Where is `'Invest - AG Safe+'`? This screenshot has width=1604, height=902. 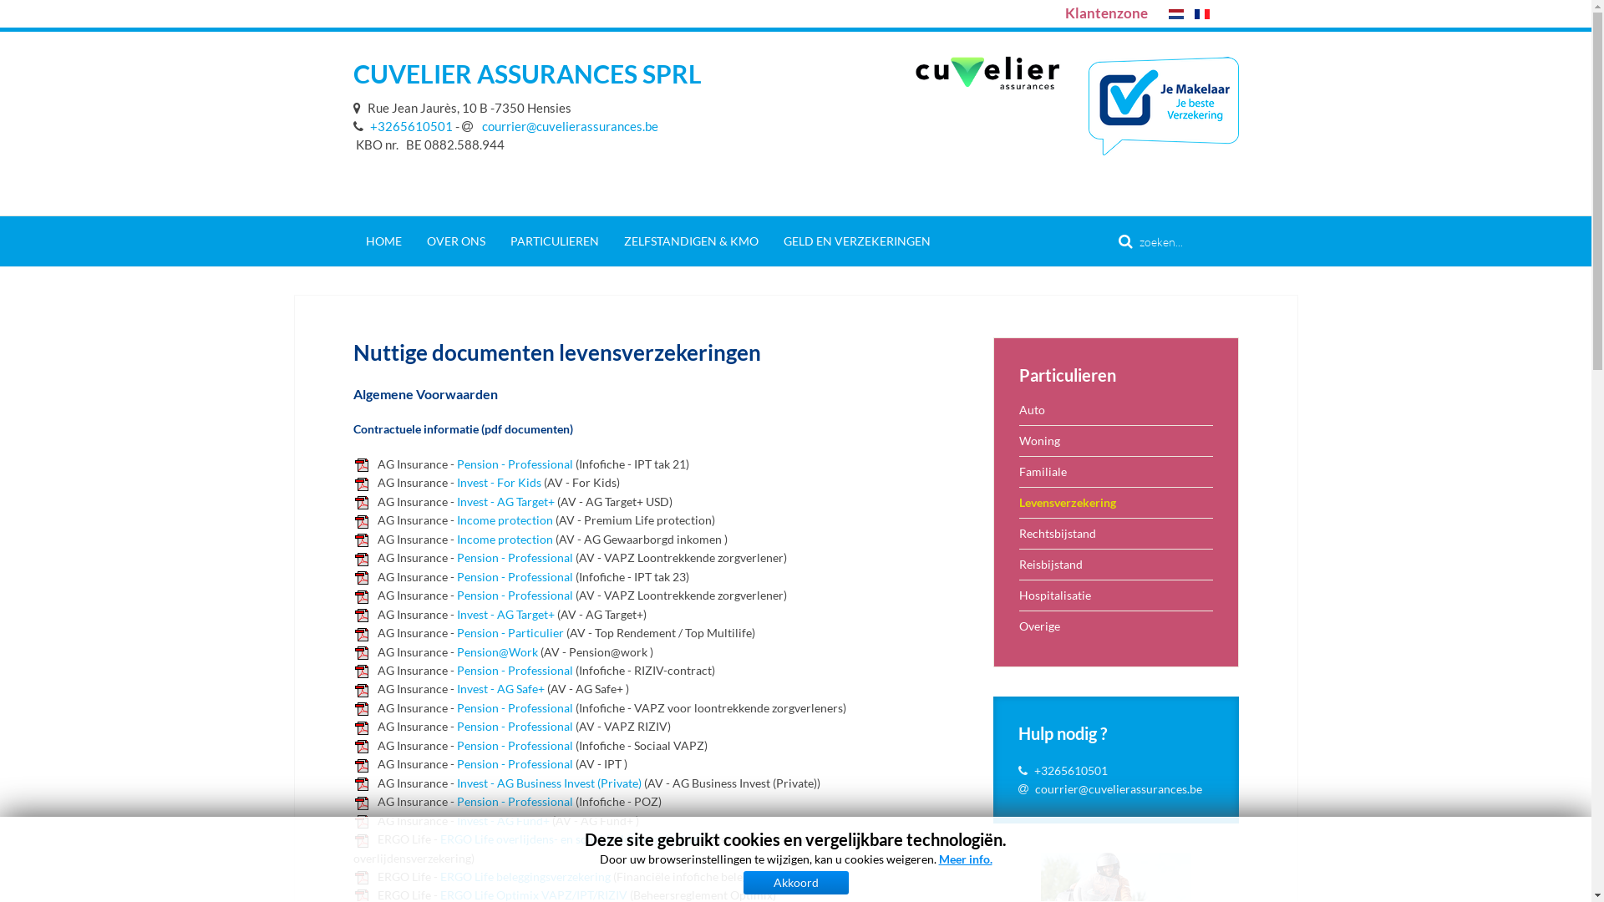
'Invest - AG Safe+' is located at coordinates (499, 688).